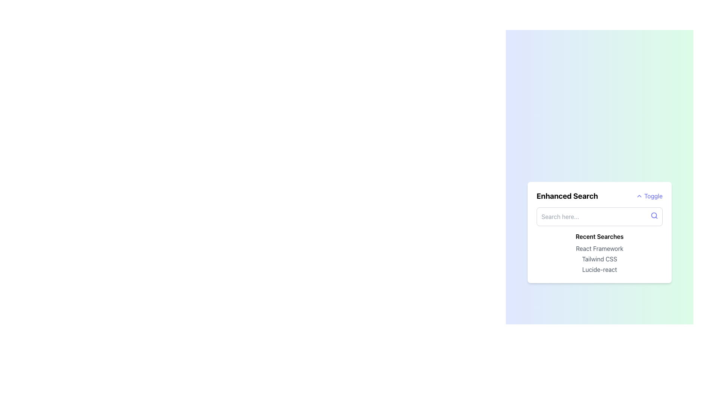  Describe the element at coordinates (599, 258) in the screenshot. I see `any of the three clickable text items in the 'Recent Searches' list, which includes 'React Framework', 'Tailwind CSS', and 'Lucide-react'` at that location.